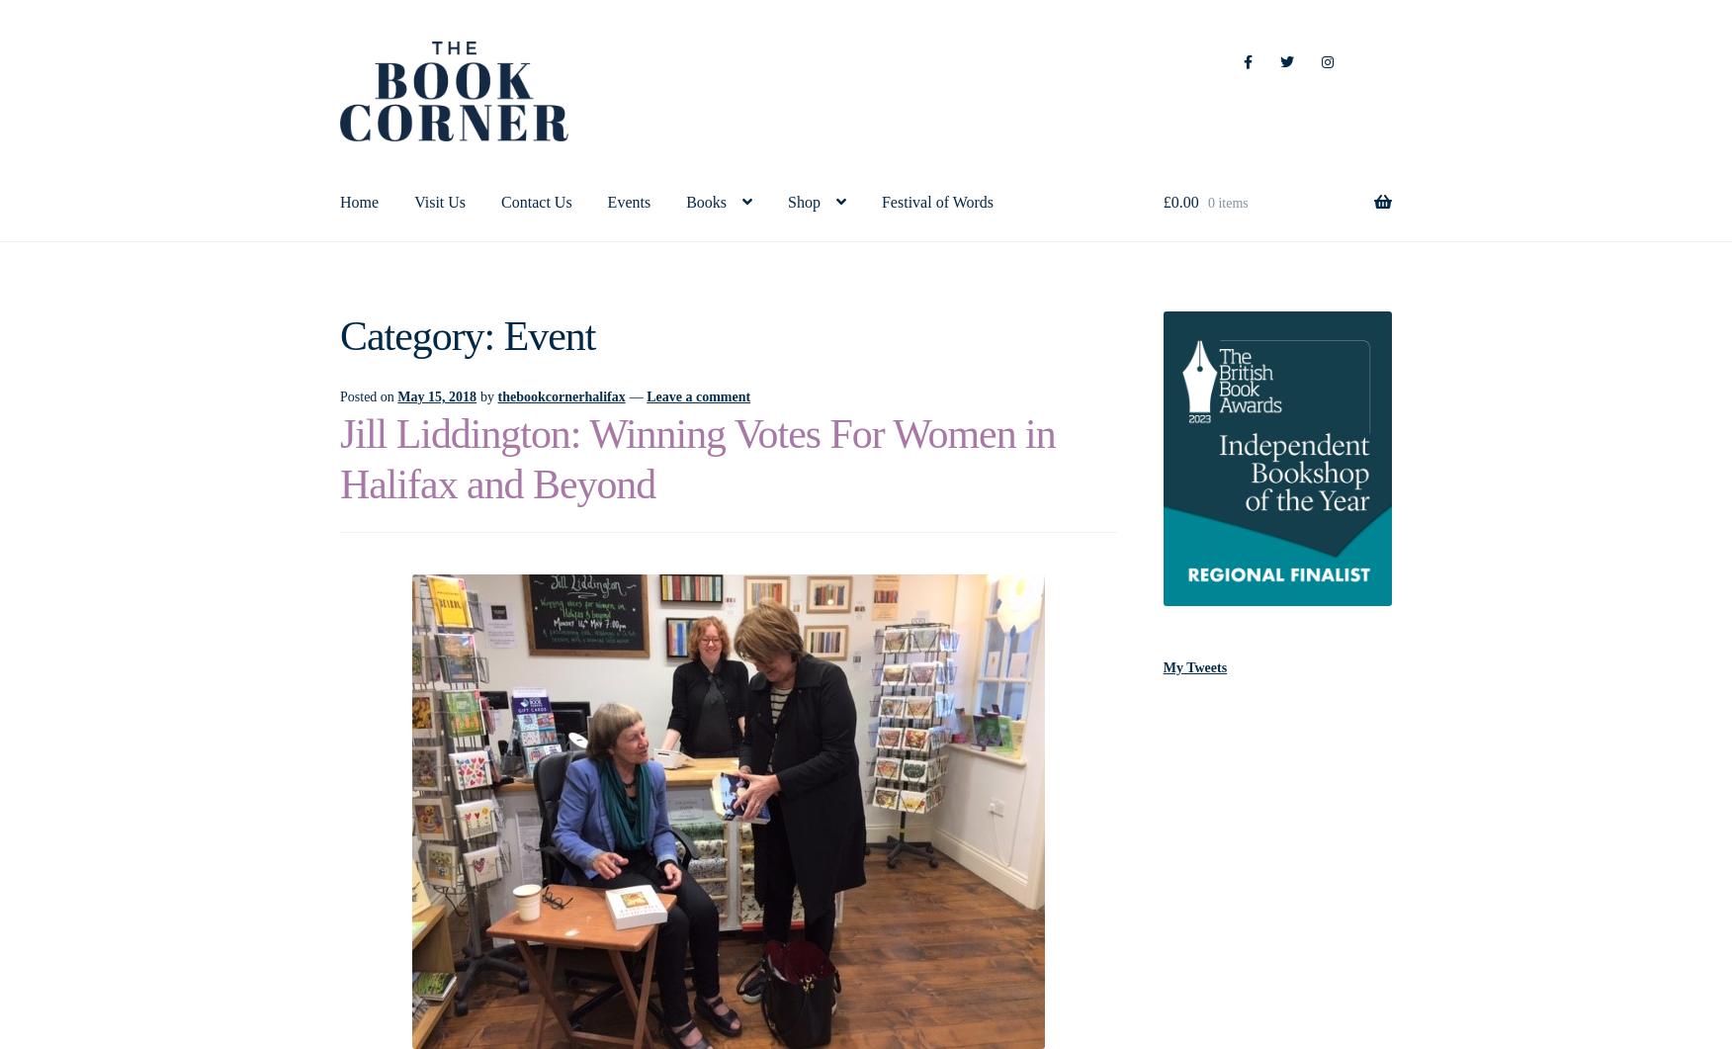 The height and width of the screenshot is (1049, 1732). Describe the element at coordinates (696, 458) in the screenshot. I see `'Jill Liddington: Winning Votes For Women in Halifax and Beyond'` at that location.